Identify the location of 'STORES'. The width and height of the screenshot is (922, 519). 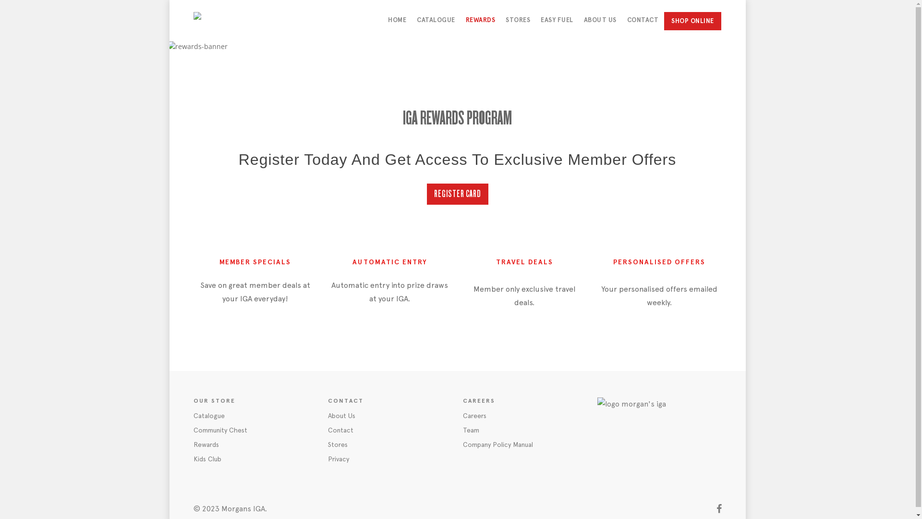
(517, 25).